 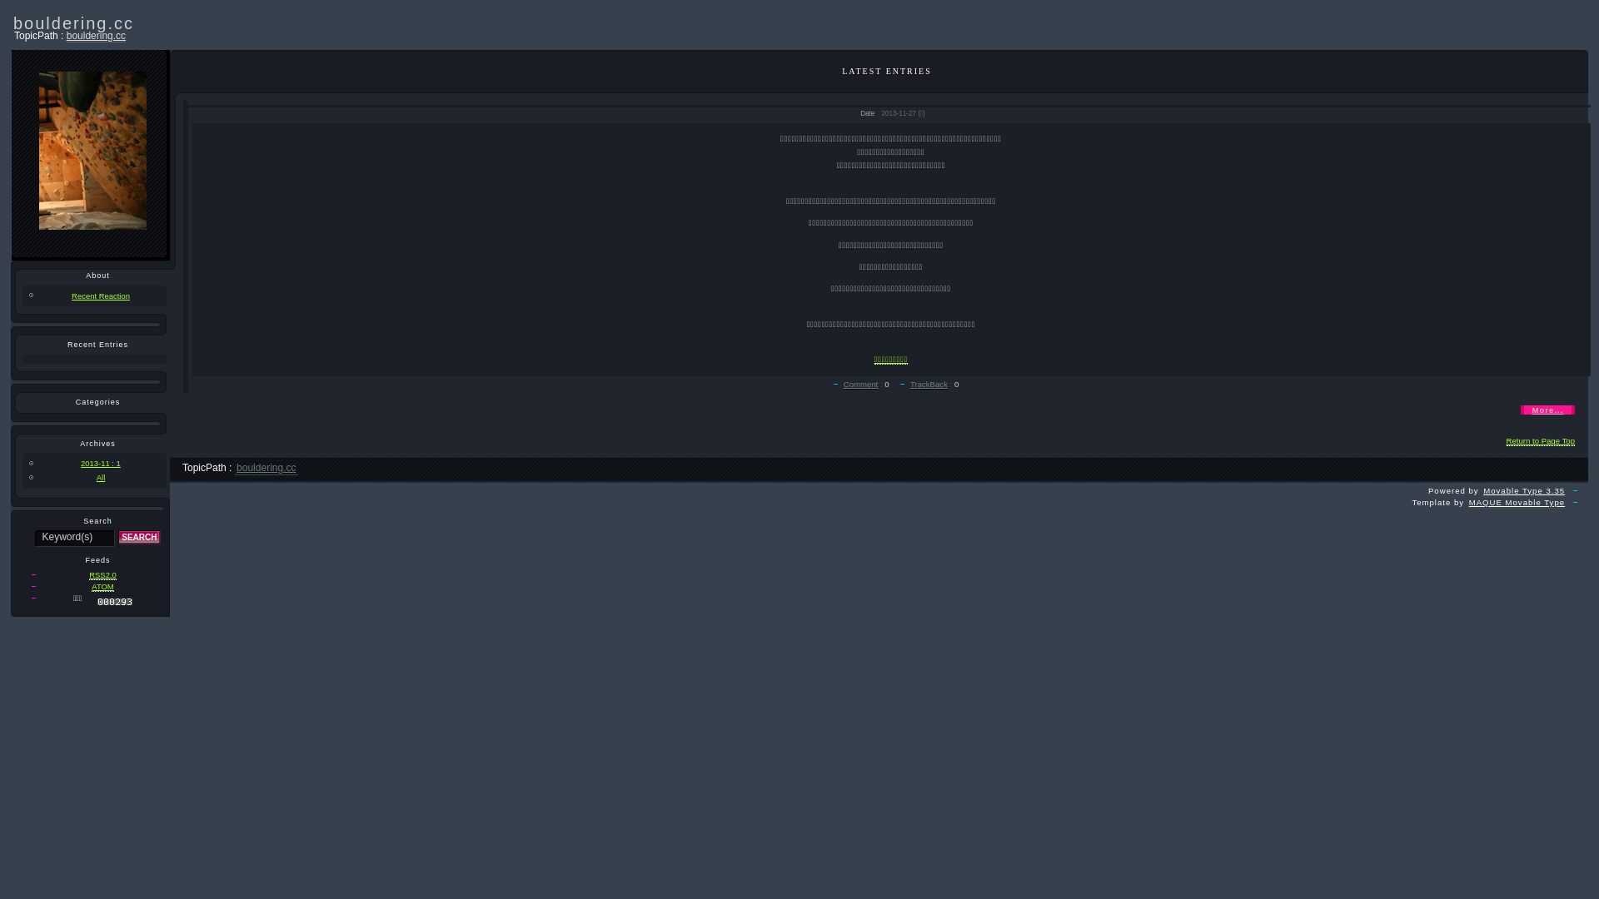 I want to click on 'All', so click(x=93, y=477).